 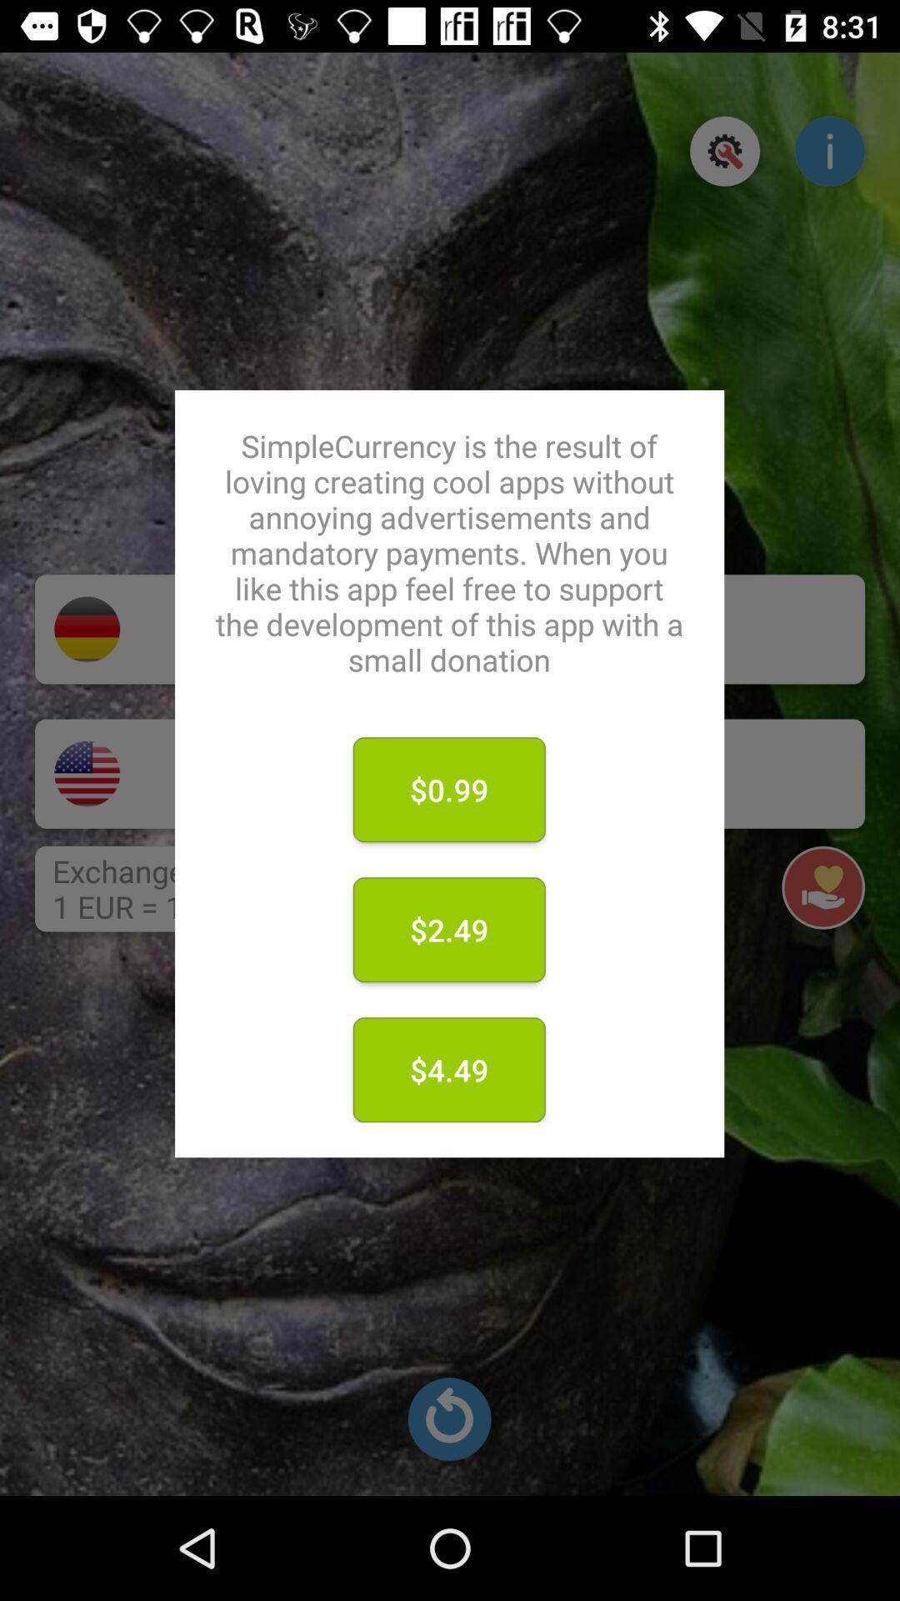 What do you see at coordinates (724, 151) in the screenshot?
I see `settings swich option` at bounding box center [724, 151].